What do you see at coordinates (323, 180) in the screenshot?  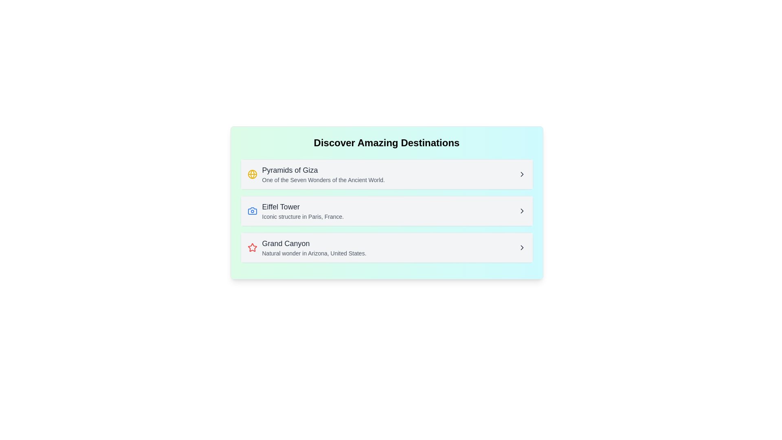 I see `descriptive subtext located directly beneath the 'Pyramids of Giza' title in the first card of the vertically stacked list` at bounding box center [323, 180].